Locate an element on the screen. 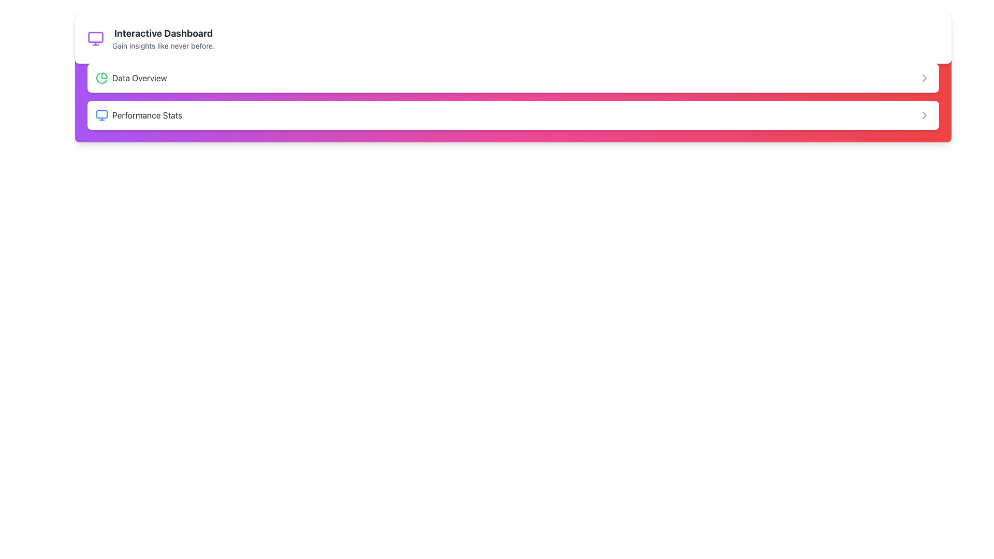 This screenshot has width=994, height=559. the 'Performance Stats' option in the purple gradient card is located at coordinates (138, 115).